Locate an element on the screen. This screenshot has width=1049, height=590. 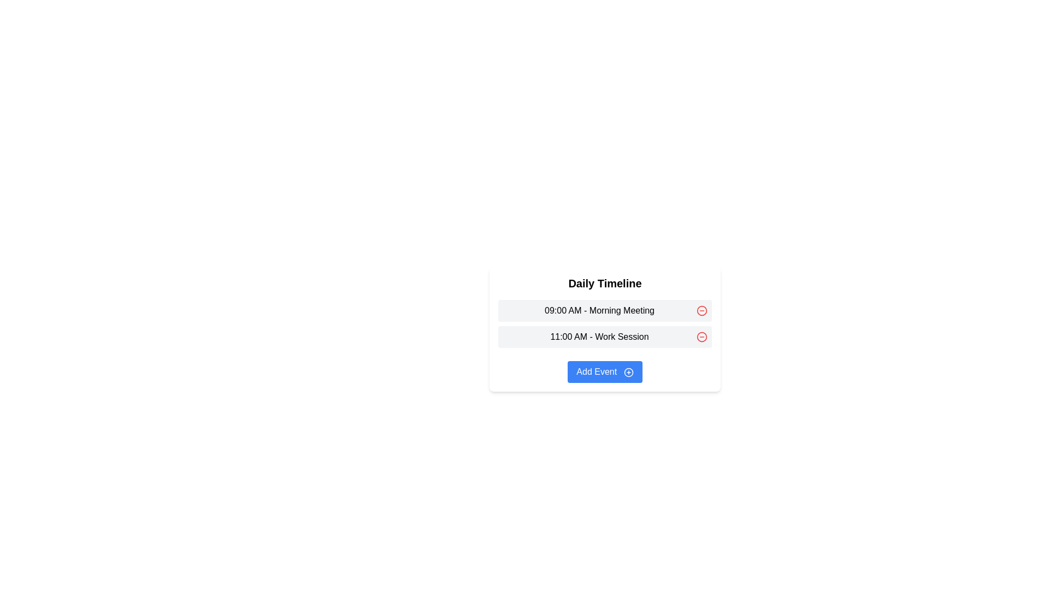
the text label displaying the schedule and description of the task or event in the Daily Timeline section is located at coordinates (599, 337).